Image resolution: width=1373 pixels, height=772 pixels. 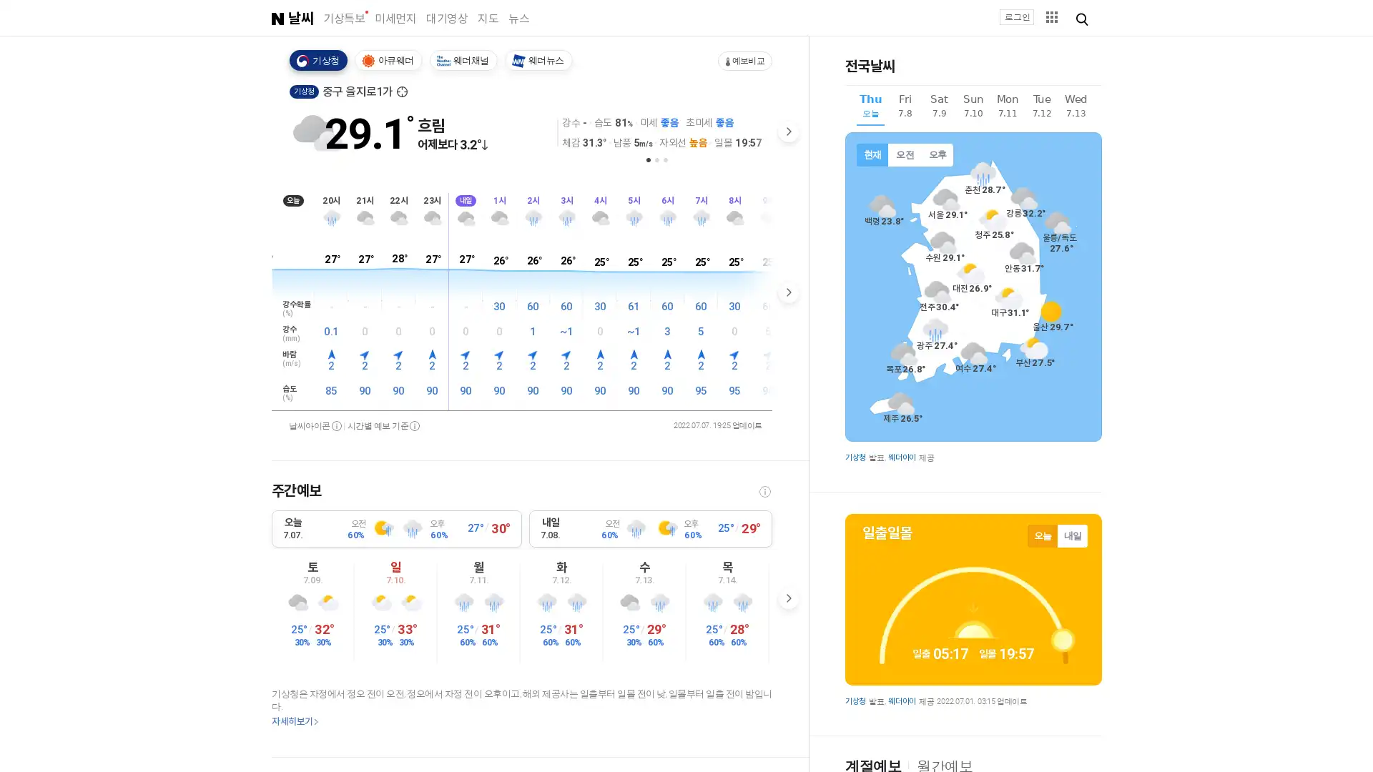 What do you see at coordinates (973, 107) in the screenshot?
I see `Sun 7.10` at bounding box center [973, 107].